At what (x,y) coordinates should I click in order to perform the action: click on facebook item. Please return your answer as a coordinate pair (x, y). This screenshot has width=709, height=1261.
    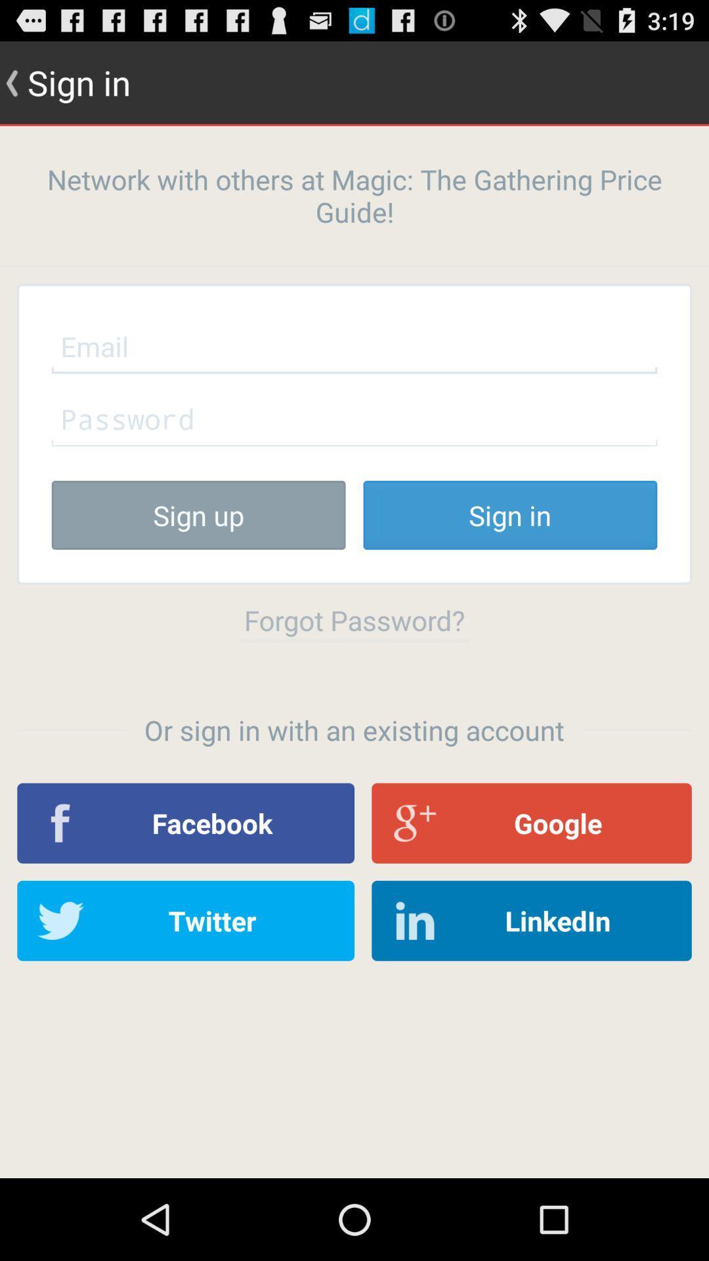
    Looking at the image, I should click on (186, 822).